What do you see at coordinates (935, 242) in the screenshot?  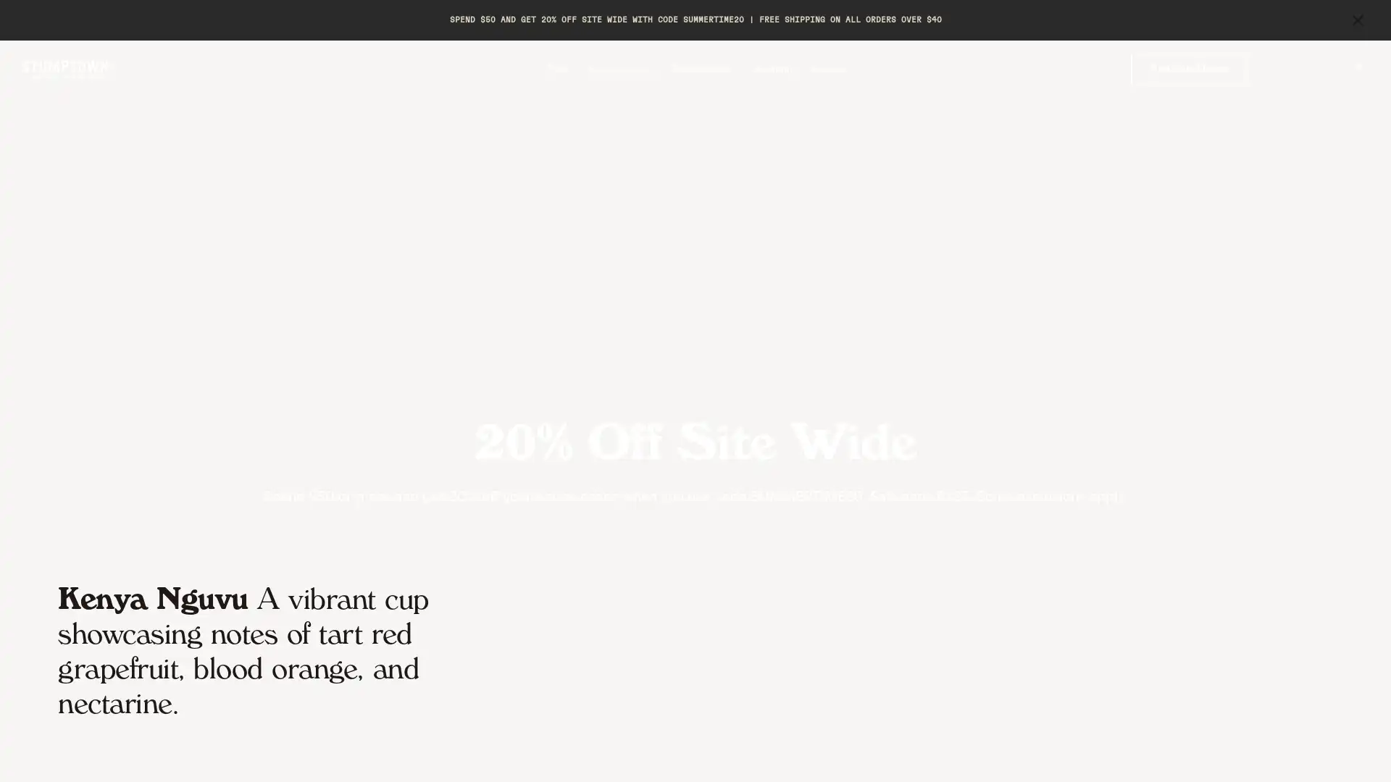 I see `Close form` at bounding box center [935, 242].